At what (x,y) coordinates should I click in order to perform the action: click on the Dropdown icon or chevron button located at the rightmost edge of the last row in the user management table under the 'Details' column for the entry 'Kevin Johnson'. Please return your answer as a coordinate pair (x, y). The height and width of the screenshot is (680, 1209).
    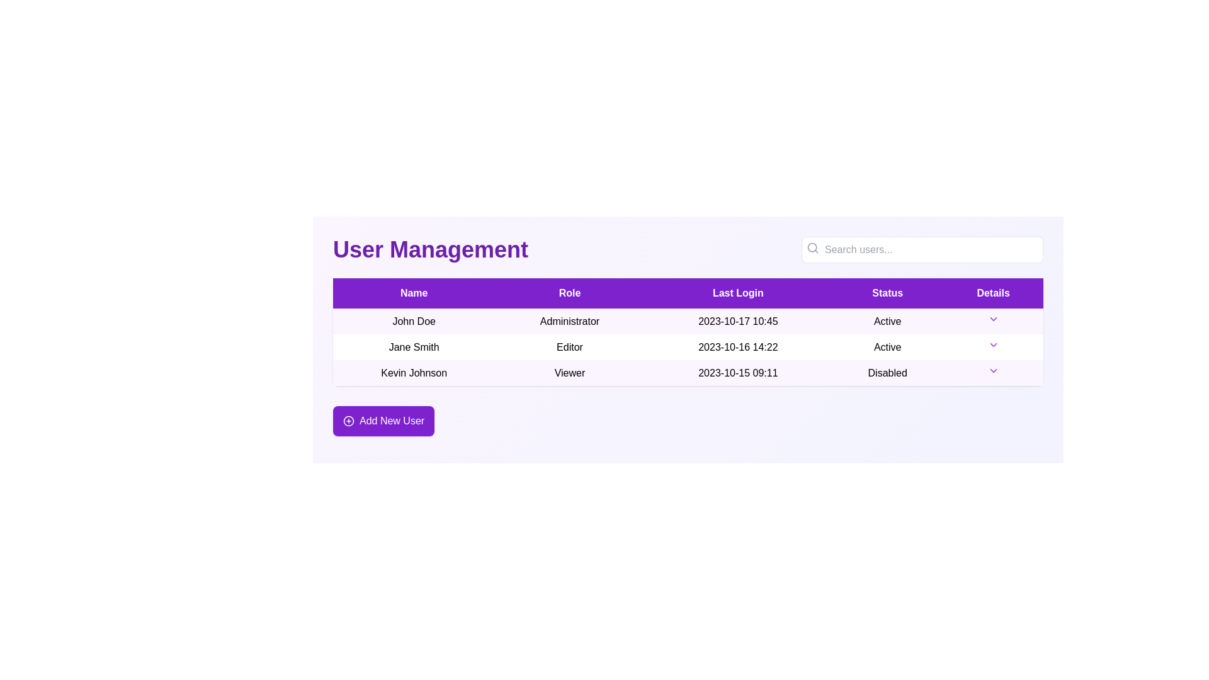
    Looking at the image, I should click on (992, 372).